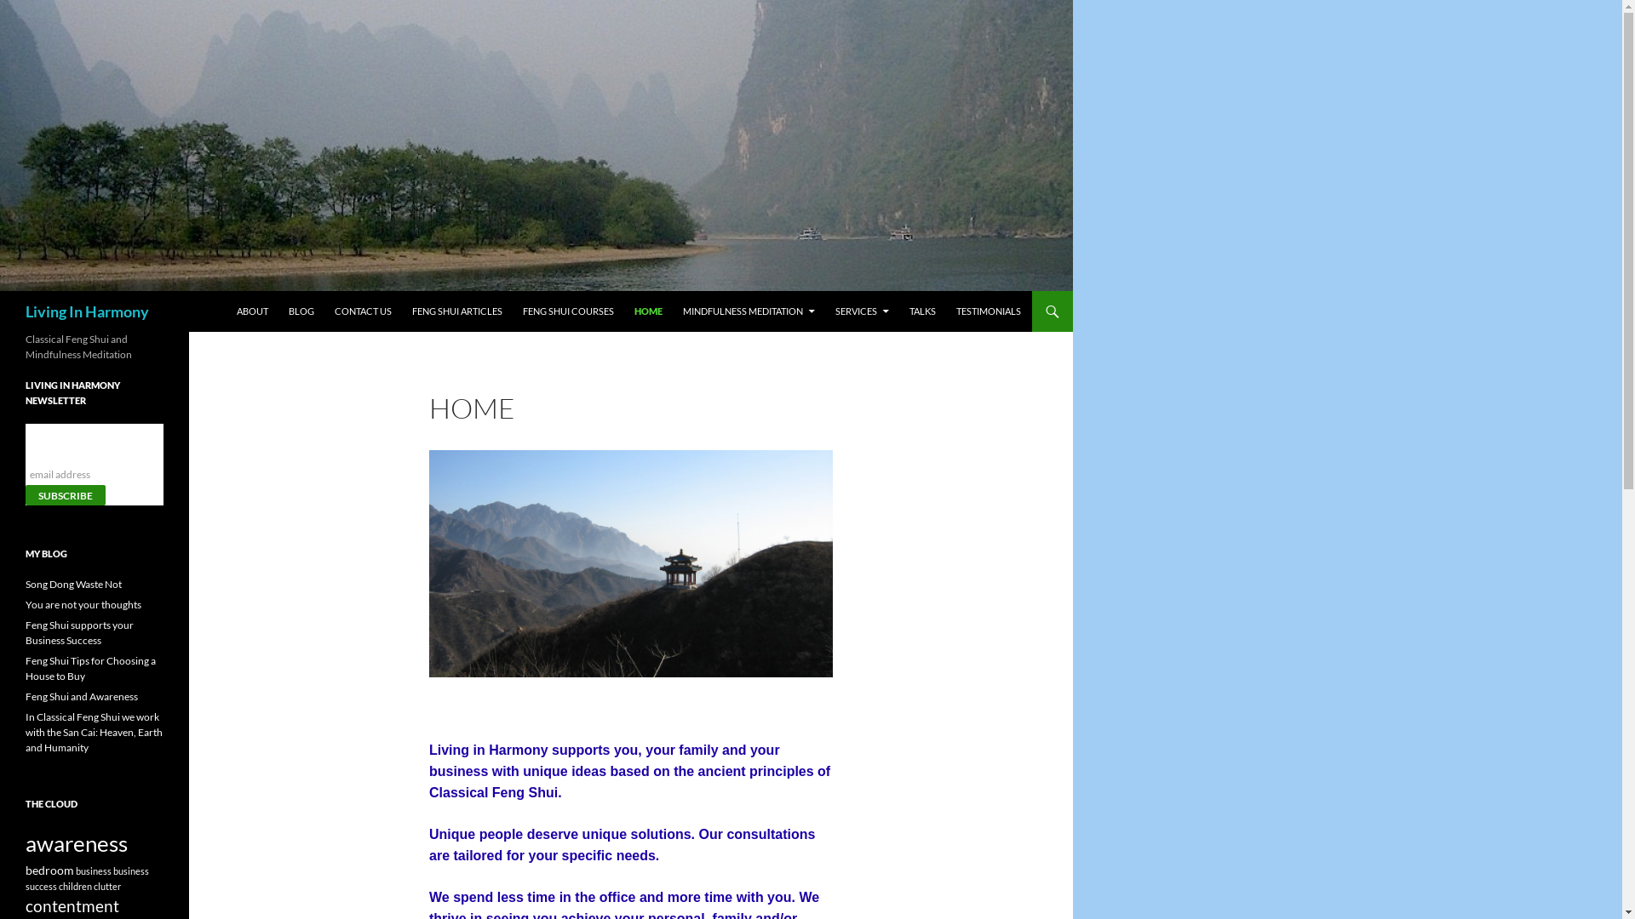 Image resolution: width=1635 pixels, height=919 pixels. What do you see at coordinates (3, 300) in the screenshot?
I see `'Search'` at bounding box center [3, 300].